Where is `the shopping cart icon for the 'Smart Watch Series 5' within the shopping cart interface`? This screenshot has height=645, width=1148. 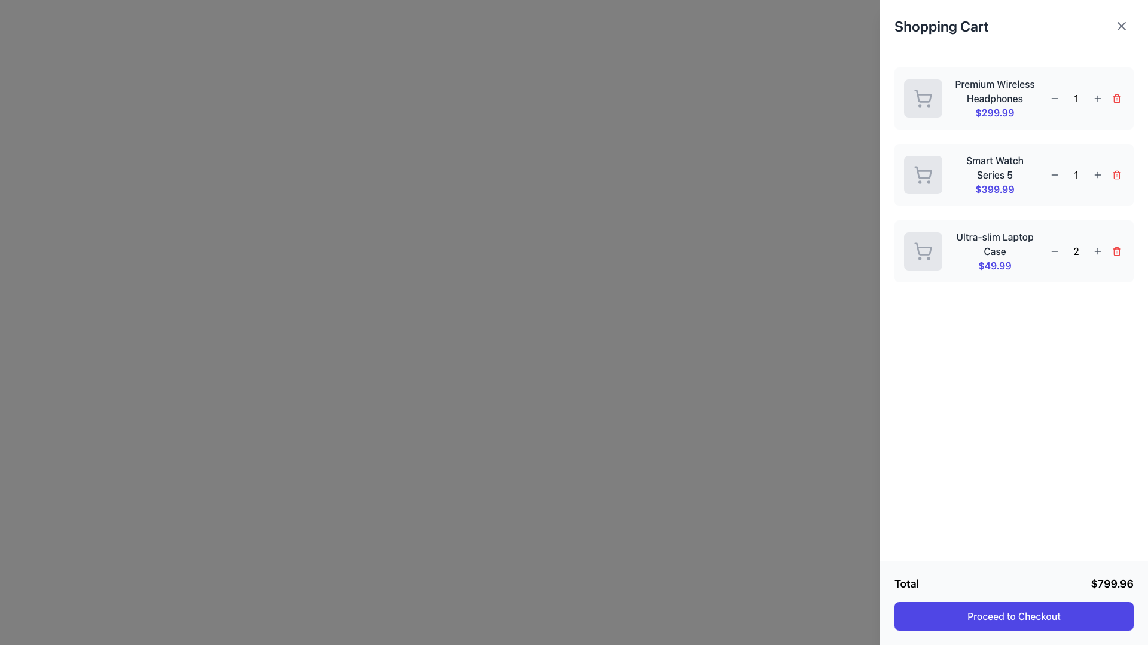 the shopping cart icon for the 'Smart Watch Series 5' within the shopping cart interface is located at coordinates (923, 175).